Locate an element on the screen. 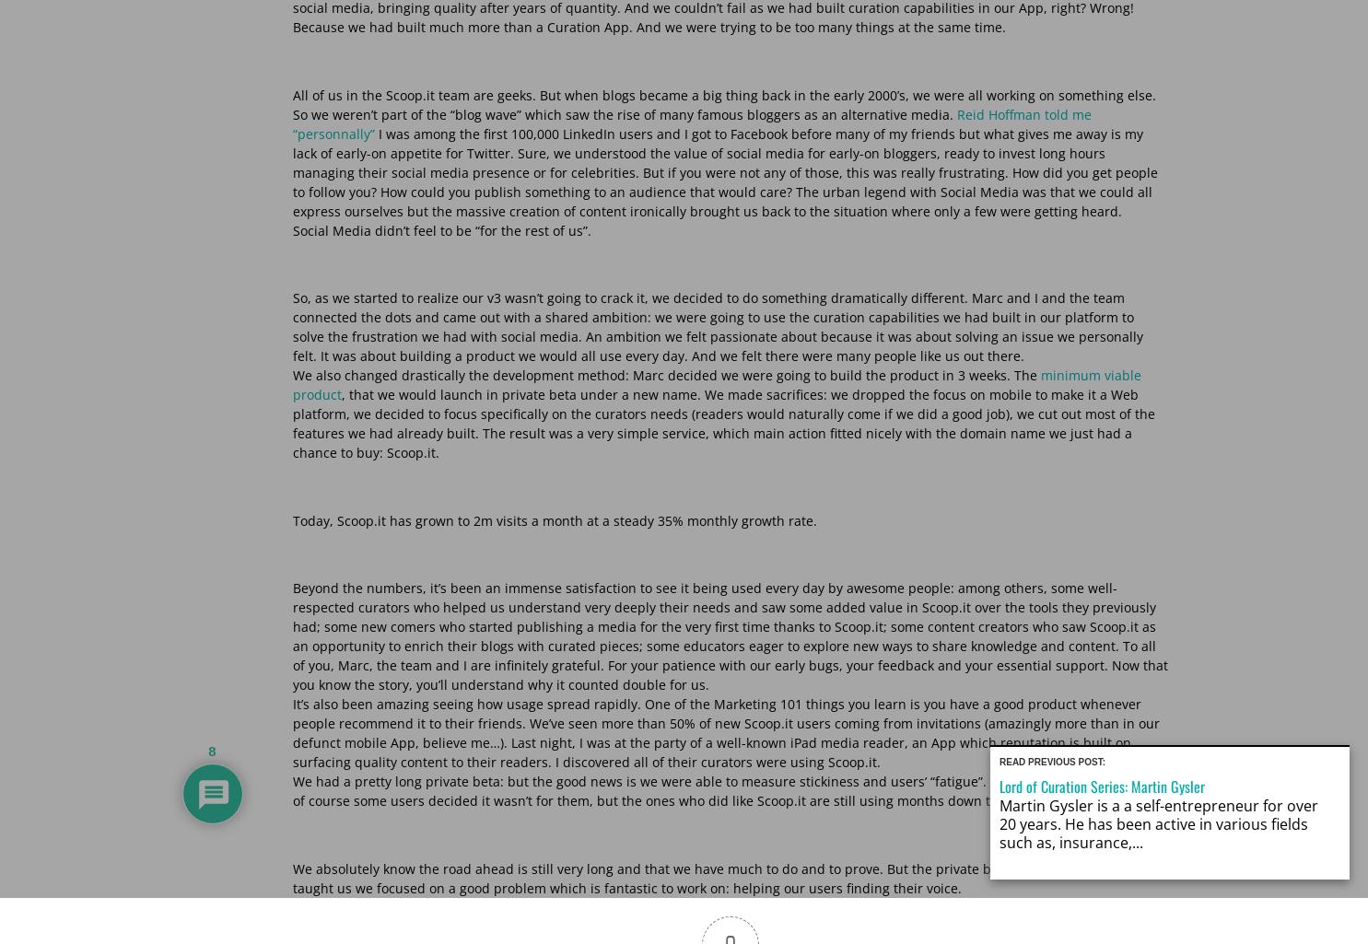 The width and height of the screenshot is (1368, 944). 'We also changed drastically the development method: Marc decided we were going to build the product in 3 weeks. The' is located at coordinates (665, 375).